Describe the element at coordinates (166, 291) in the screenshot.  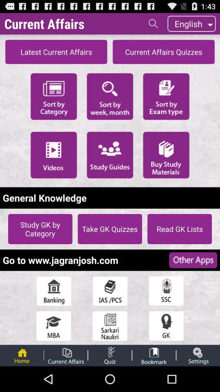
I see `open app location` at that location.